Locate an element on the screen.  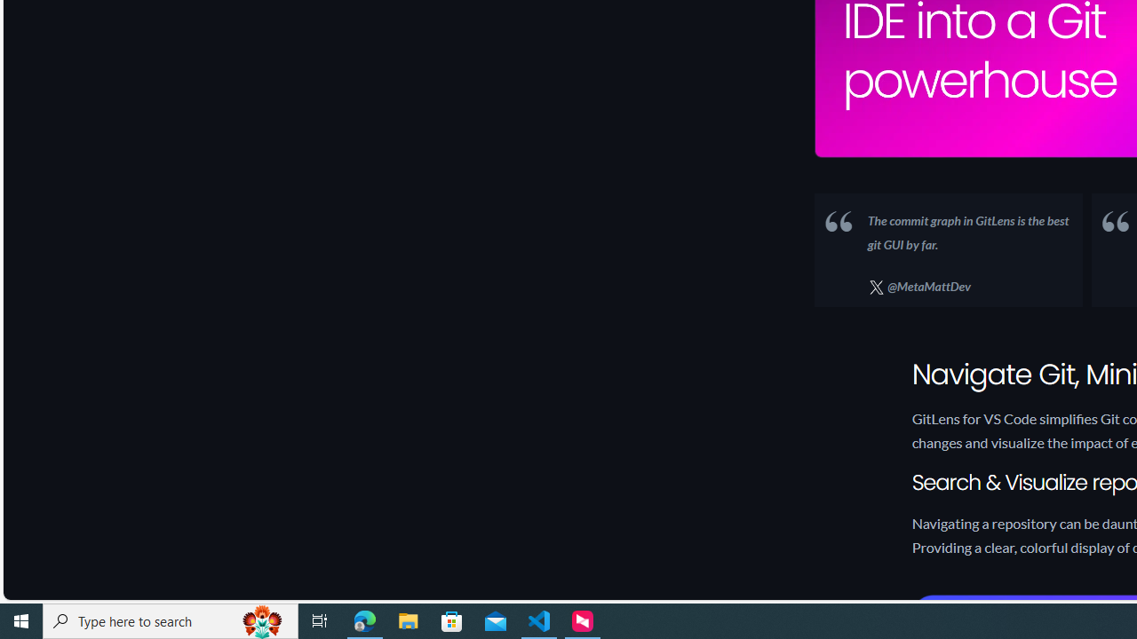
'Microsoft Store' is located at coordinates (452, 619).